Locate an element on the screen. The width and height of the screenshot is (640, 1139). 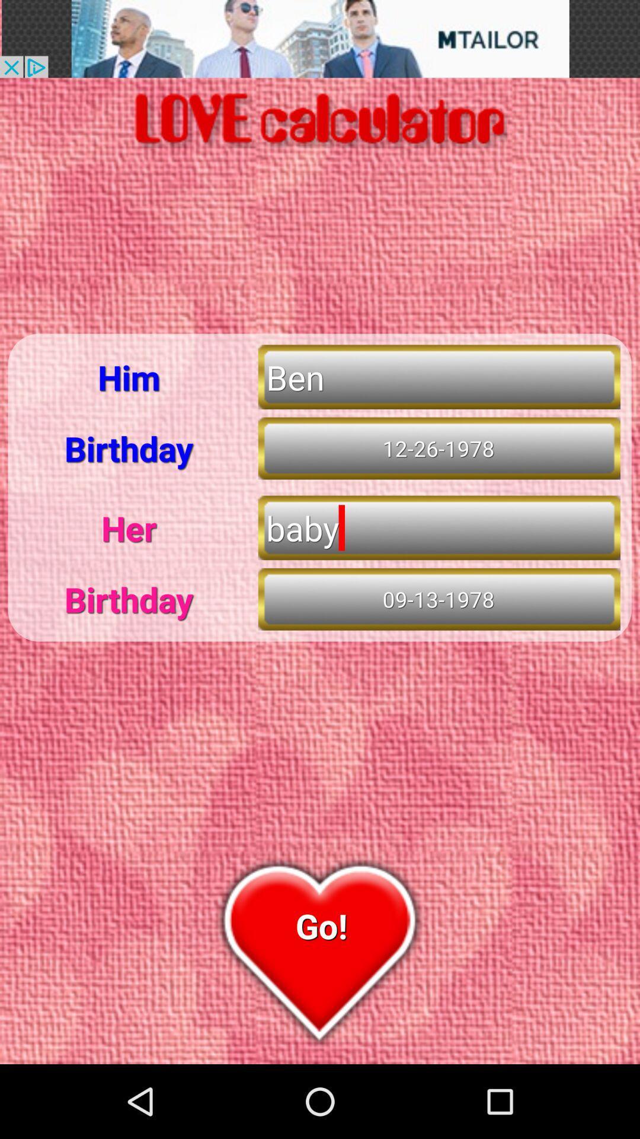
advertiser banner is located at coordinates (320, 39).